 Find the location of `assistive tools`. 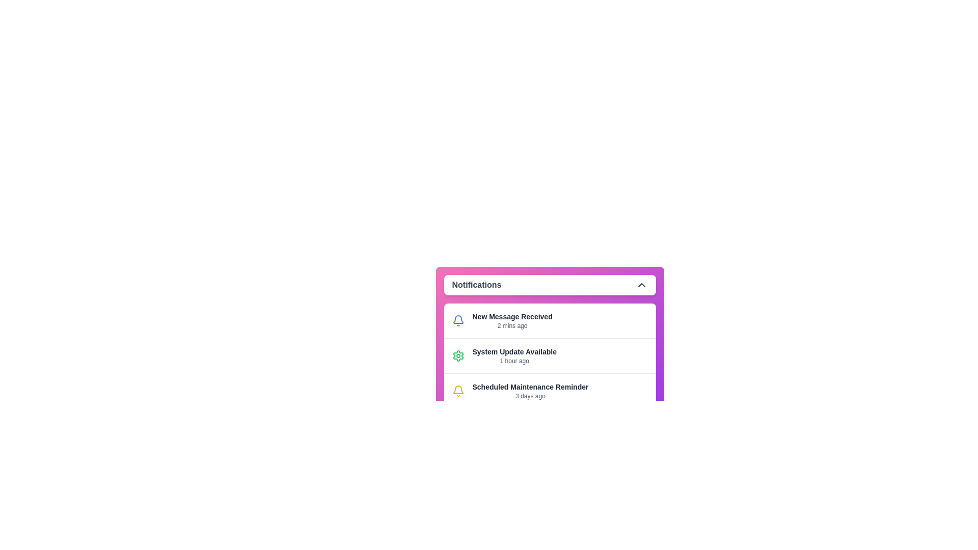

assistive tools is located at coordinates (530, 387).